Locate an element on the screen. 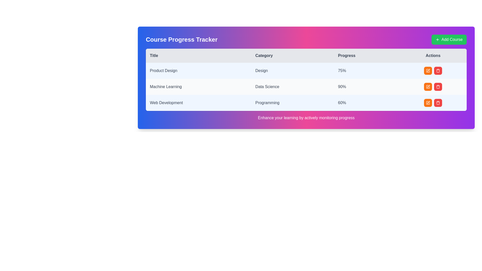 This screenshot has width=482, height=271. the edit button located in the 'Actions' column of the second row in the 'Course Progress Tracker' table to initiate an edit action for the corresponding list item is located at coordinates (428, 87).